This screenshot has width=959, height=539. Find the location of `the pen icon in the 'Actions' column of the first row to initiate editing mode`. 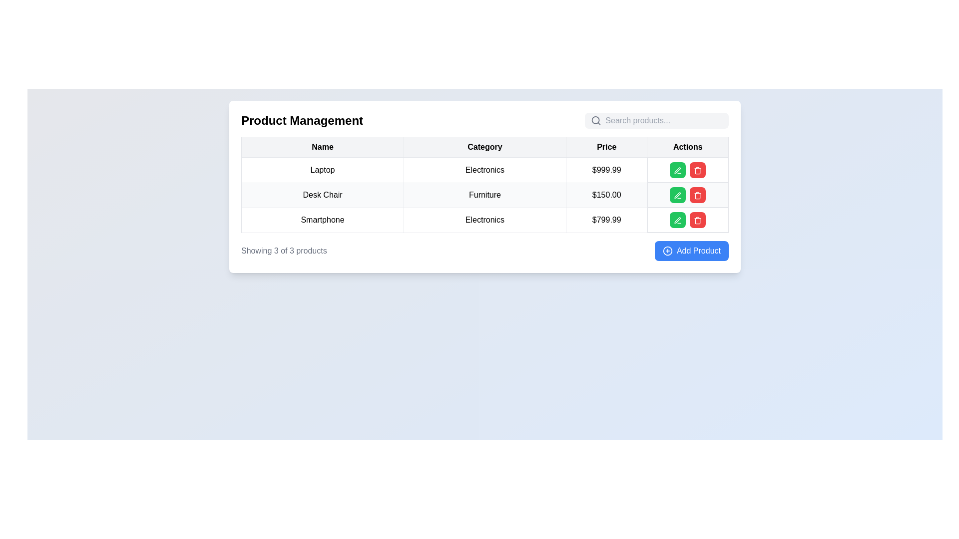

the pen icon in the 'Actions' column of the first row to initiate editing mode is located at coordinates (678, 170).